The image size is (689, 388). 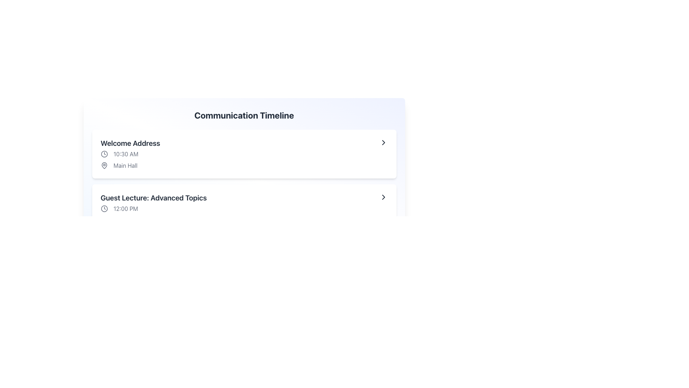 I want to click on the small rightward pointing chevron icon within the 'Guest Lecture: Advanced Topics' section, so click(x=383, y=197).